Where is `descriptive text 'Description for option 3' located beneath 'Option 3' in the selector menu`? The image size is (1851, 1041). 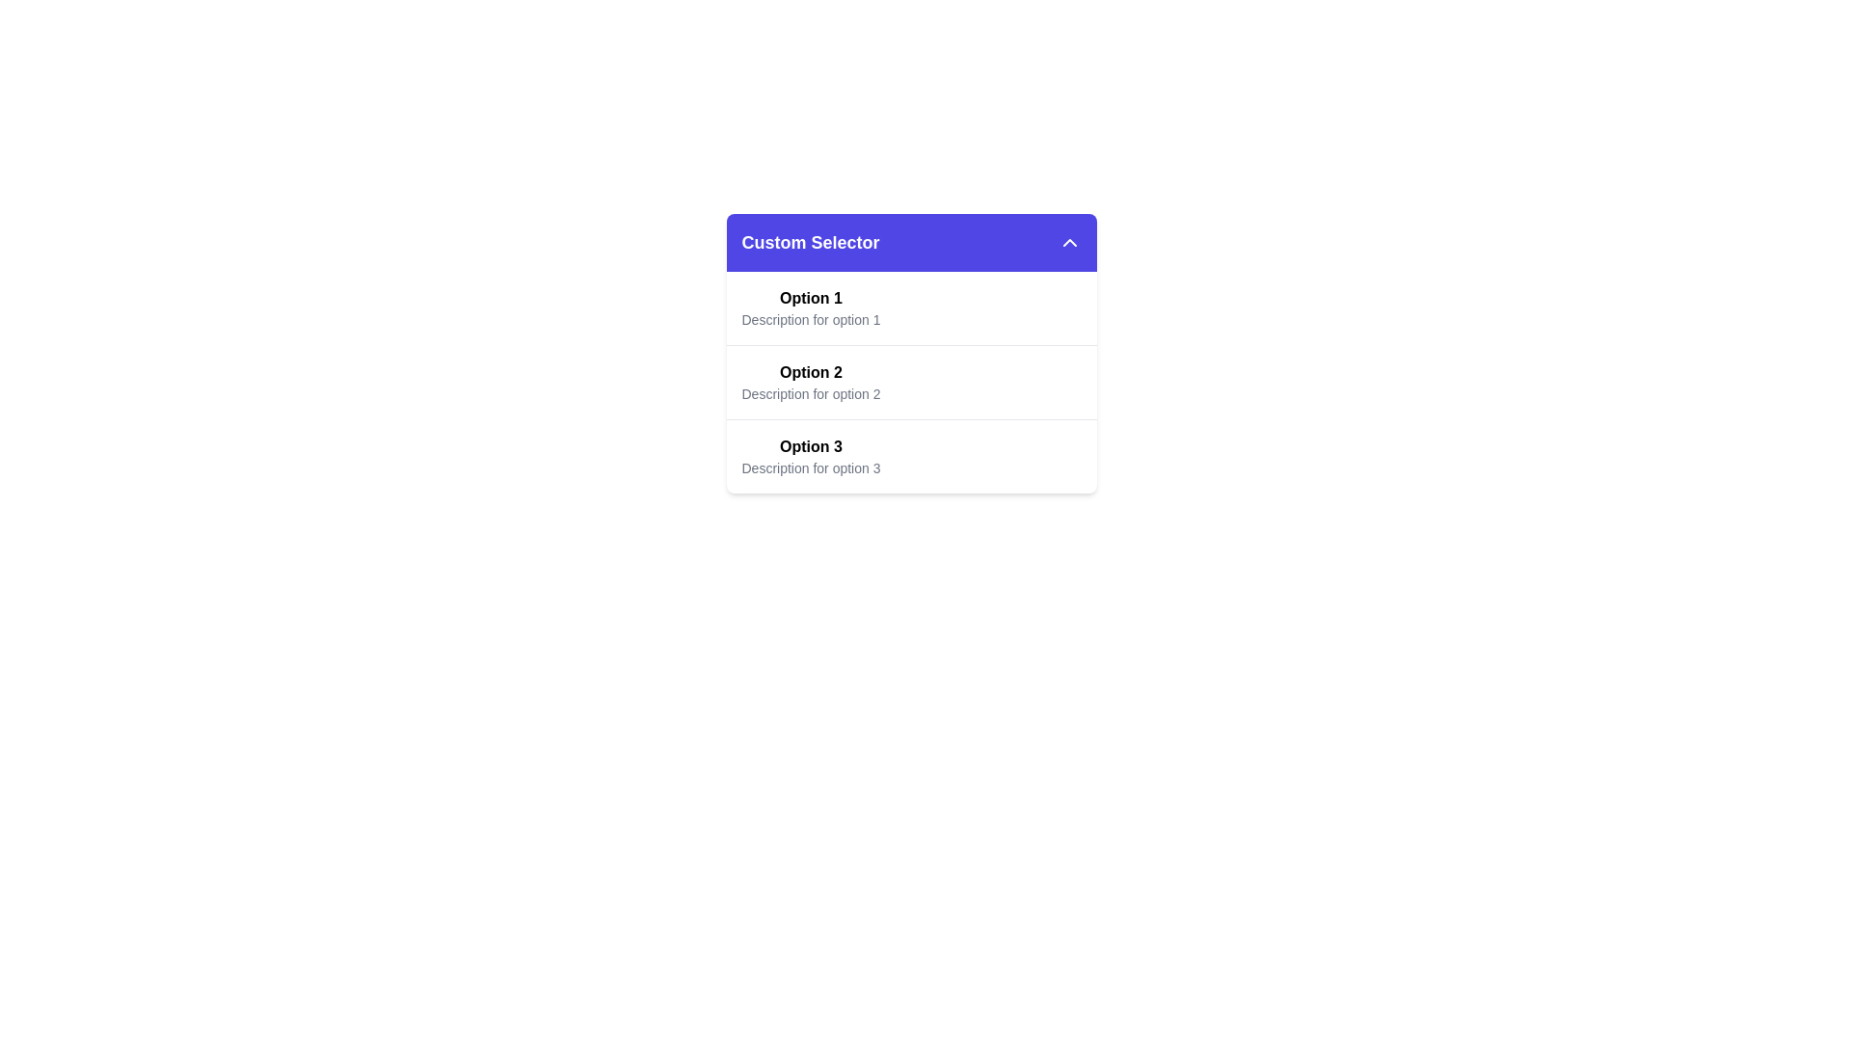 descriptive text 'Description for option 3' located beneath 'Option 3' in the selector menu is located at coordinates (811, 468).